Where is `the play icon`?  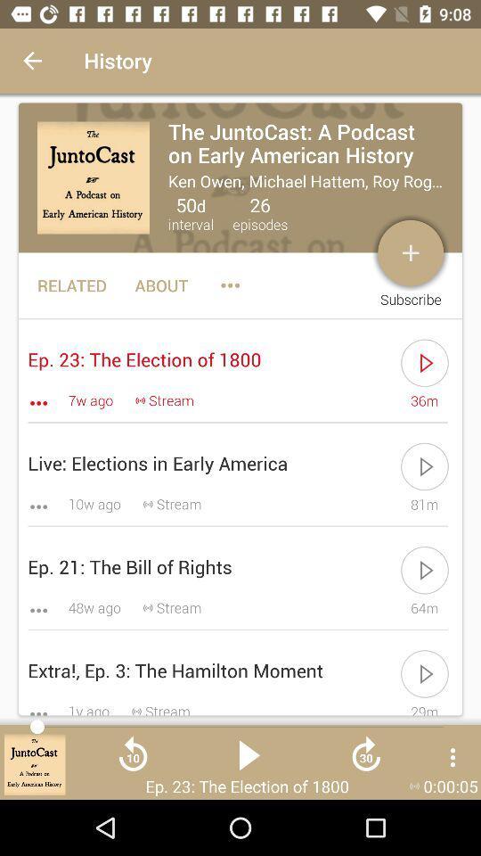 the play icon is located at coordinates (249, 761).